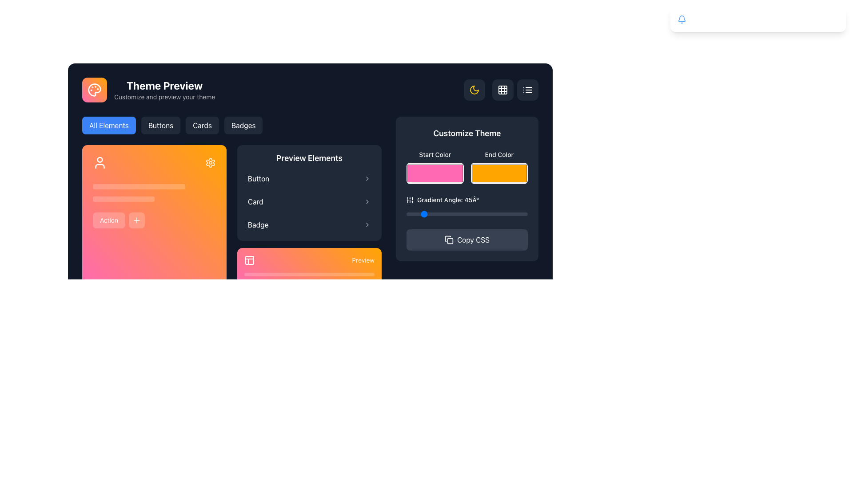 The width and height of the screenshot is (853, 479). Describe the element at coordinates (523, 214) in the screenshot. I see `the slider value` at that location.